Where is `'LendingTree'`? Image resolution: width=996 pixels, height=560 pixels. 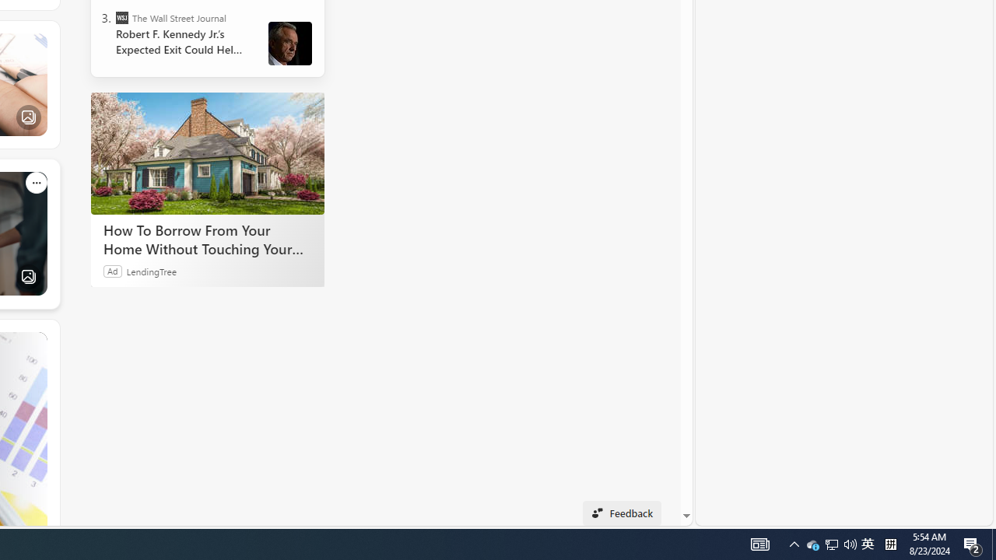 'LendingTree' is located at coordinates (152, 270).